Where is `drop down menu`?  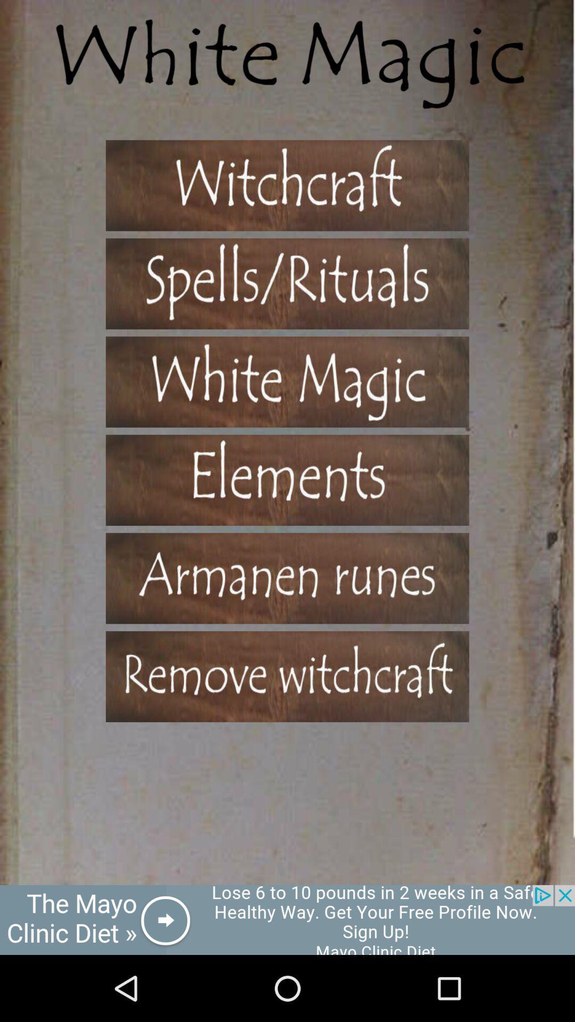
drop down menu is located at coordinates (287, 578).